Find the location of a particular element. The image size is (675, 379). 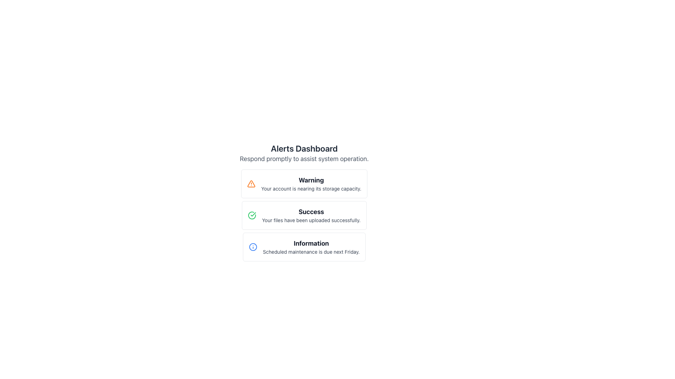

the Circle graphic (SVG element) with a thin blue outline and white fill, which is part of the 'Information' icon in the lower section of the alert cards is located at coordinates (253, 247).